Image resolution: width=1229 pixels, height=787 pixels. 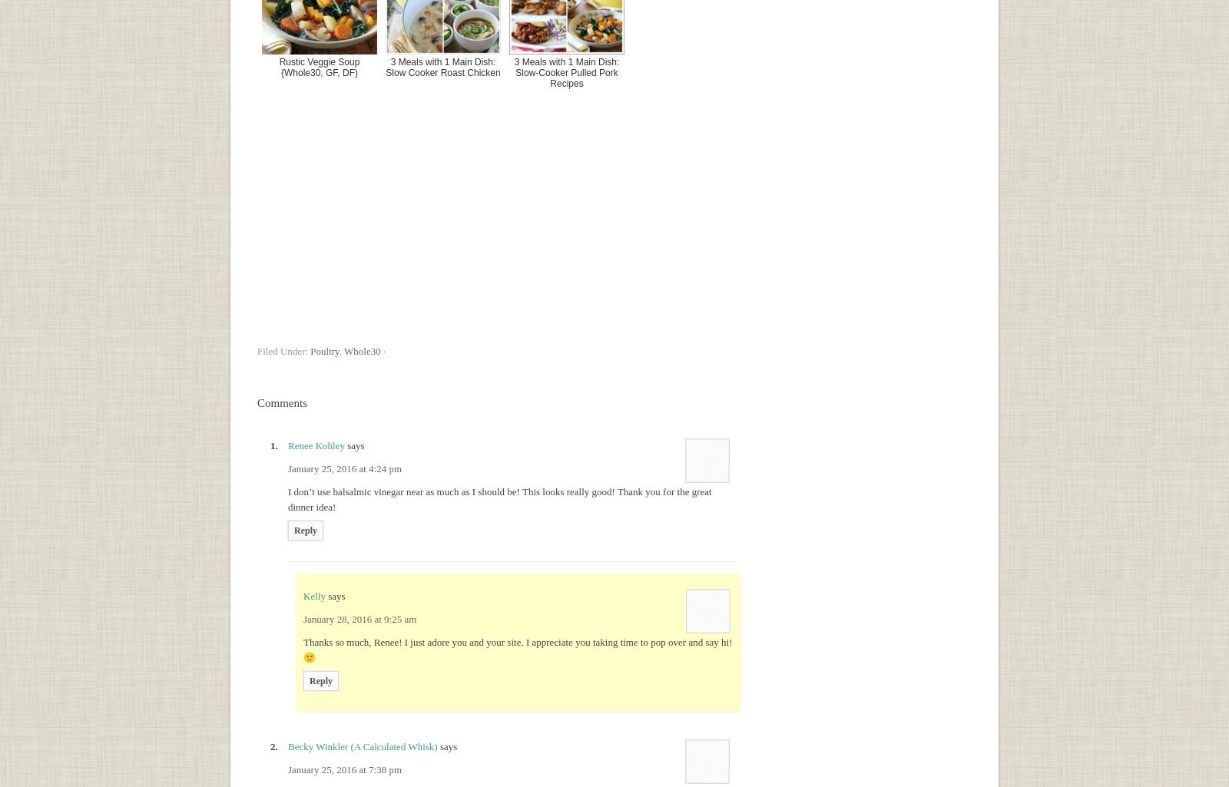 I want to click on 'Filed Under:', so click(x=257, y=350).